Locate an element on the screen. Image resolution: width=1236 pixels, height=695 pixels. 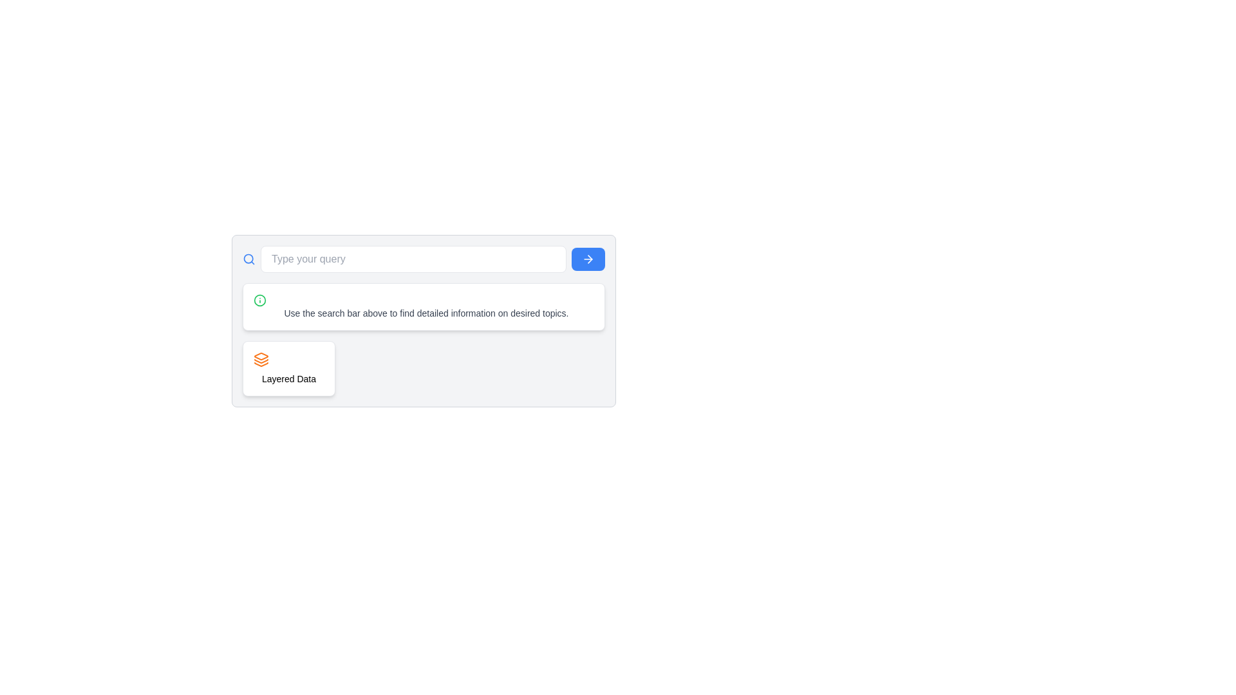
the right-arrow icon within the blue button located in the bottom-right portion of the search interface is located at coordinates (587, 259).